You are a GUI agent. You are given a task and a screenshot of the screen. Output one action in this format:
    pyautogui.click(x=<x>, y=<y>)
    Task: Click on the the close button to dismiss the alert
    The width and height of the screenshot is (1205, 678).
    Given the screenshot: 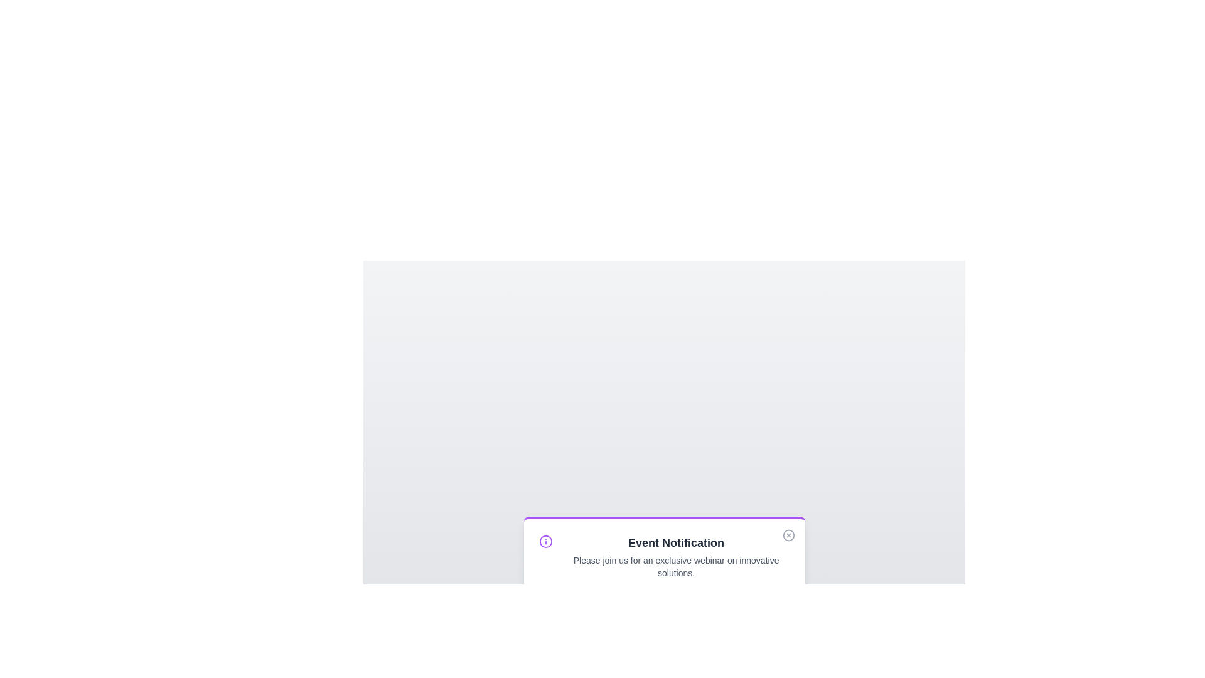 What is the action you would take?
    pyautogui.click(x=788, y=535)
    